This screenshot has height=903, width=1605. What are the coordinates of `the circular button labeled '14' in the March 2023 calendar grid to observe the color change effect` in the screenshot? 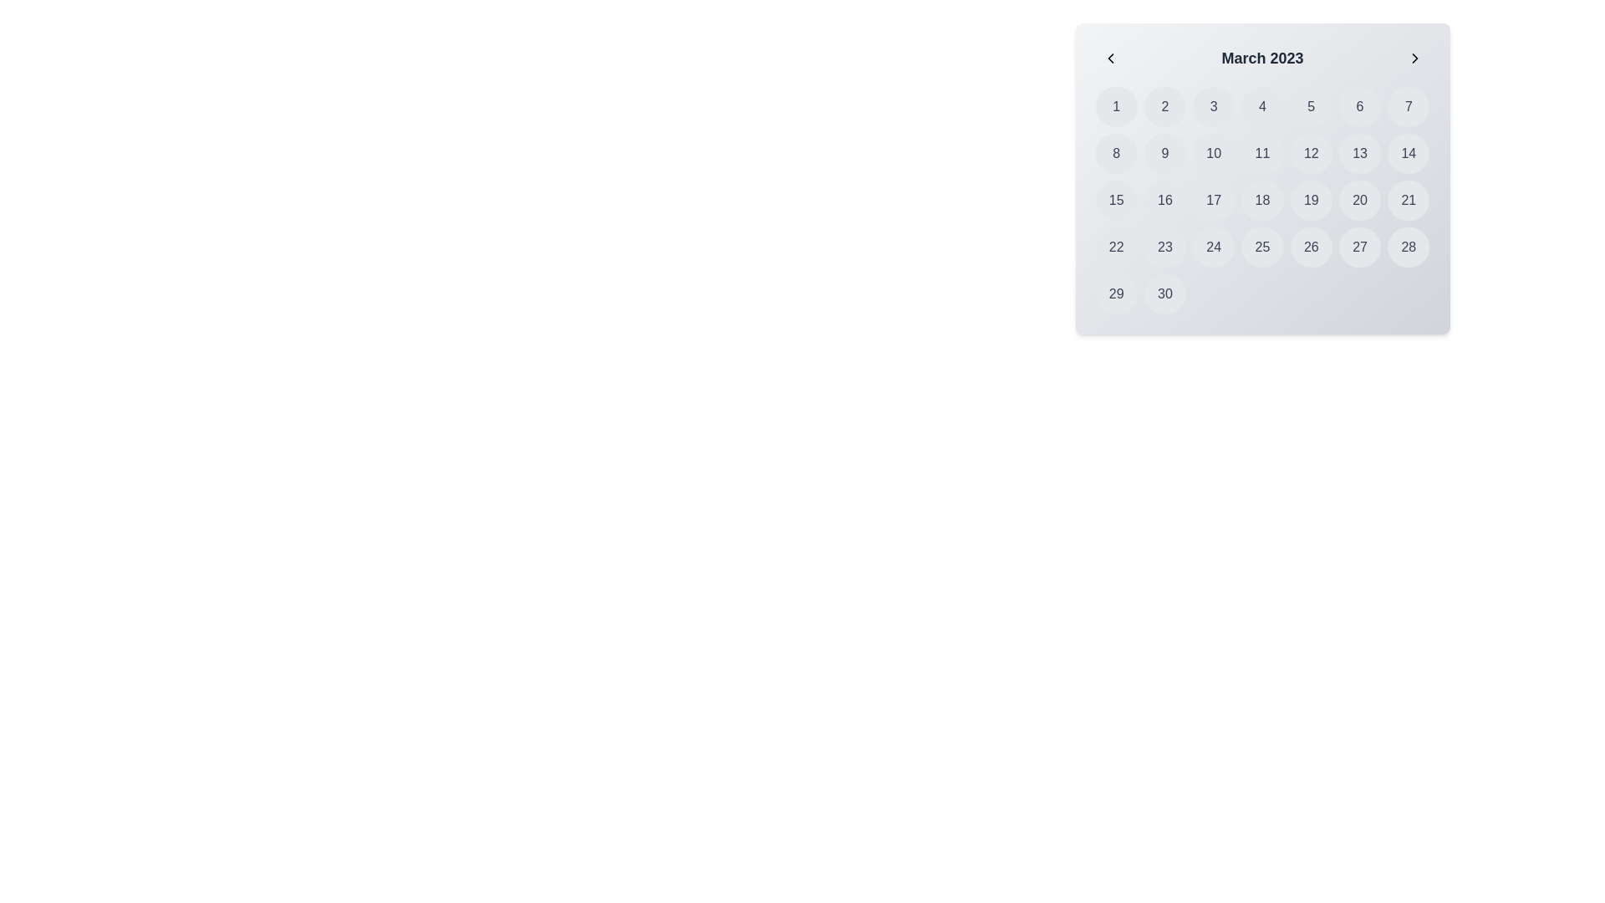 It's located at (1408, 154).